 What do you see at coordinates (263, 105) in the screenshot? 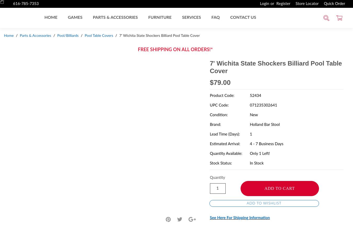
I see `'071235302641'` at bounding box center [263, 105].